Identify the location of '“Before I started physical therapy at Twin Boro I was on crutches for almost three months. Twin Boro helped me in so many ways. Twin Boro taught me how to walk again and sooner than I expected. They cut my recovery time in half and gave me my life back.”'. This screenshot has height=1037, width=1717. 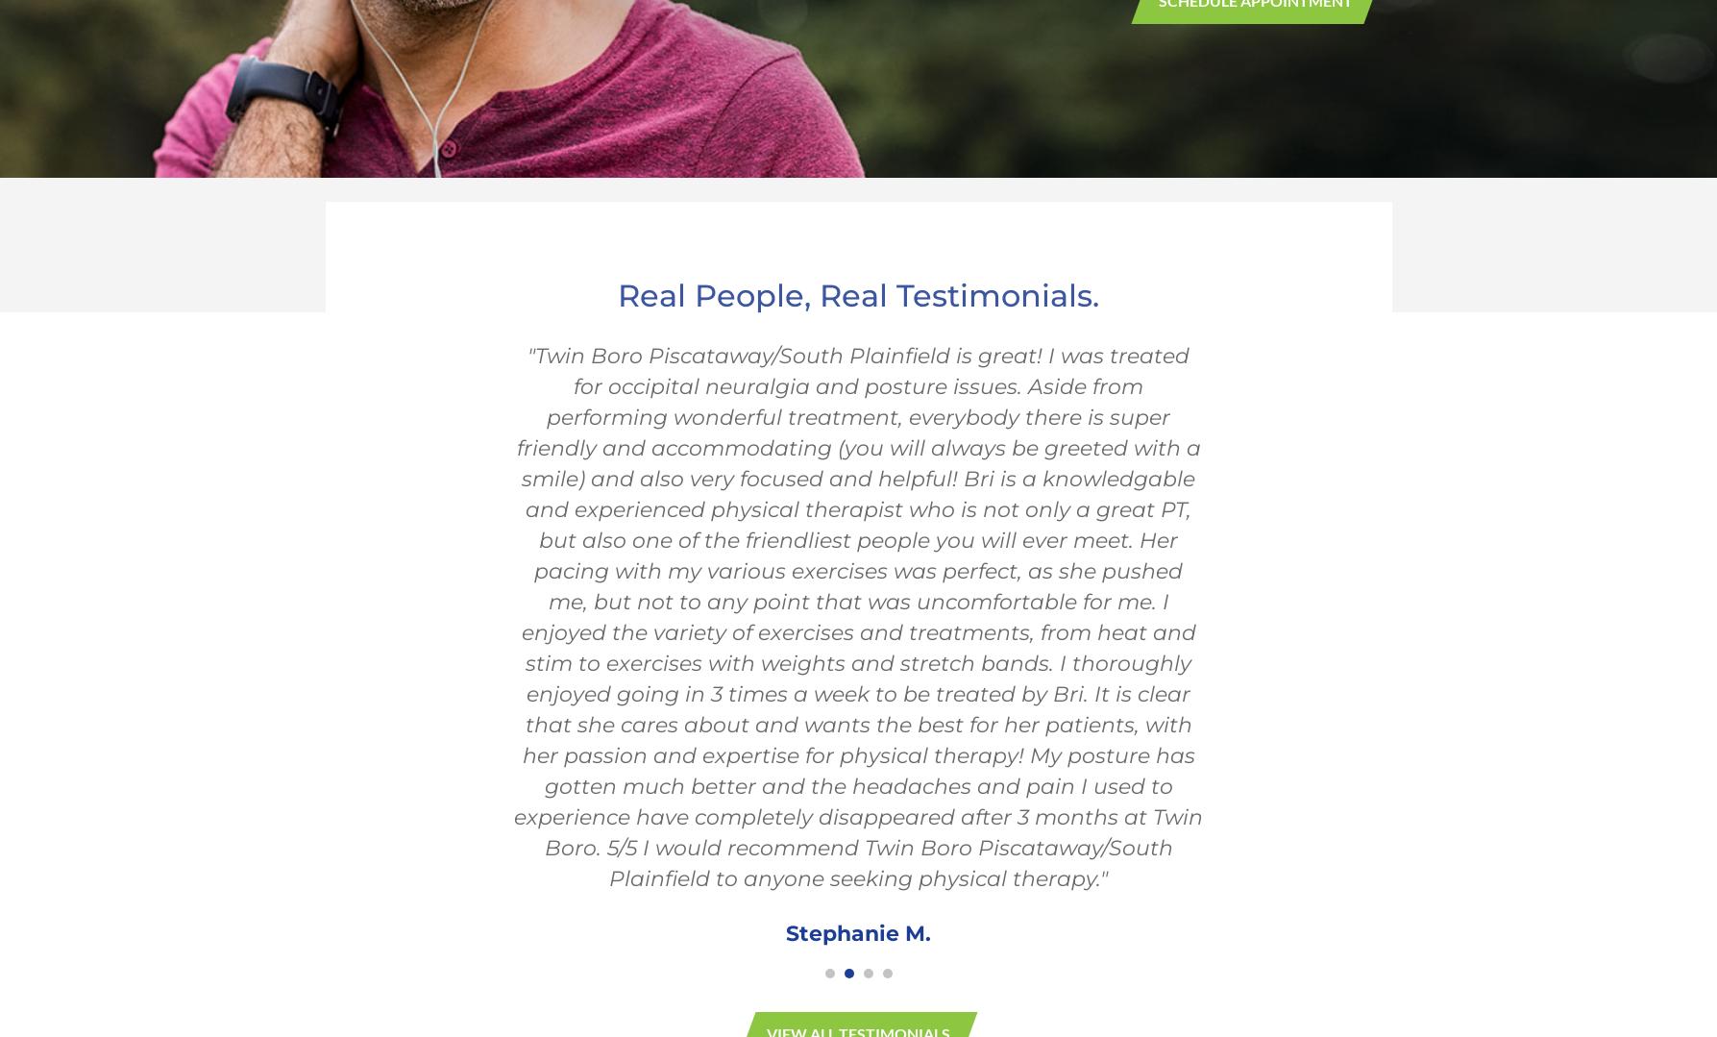
(857, 416).